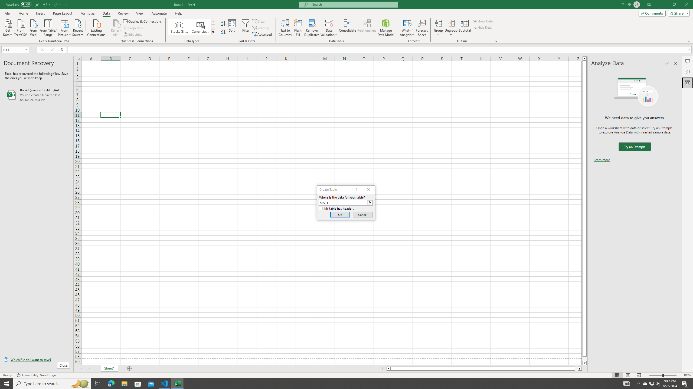  Describe the element at coordinates (483, 27) in the screenshot. I see `'Hide Detail'` at that location.